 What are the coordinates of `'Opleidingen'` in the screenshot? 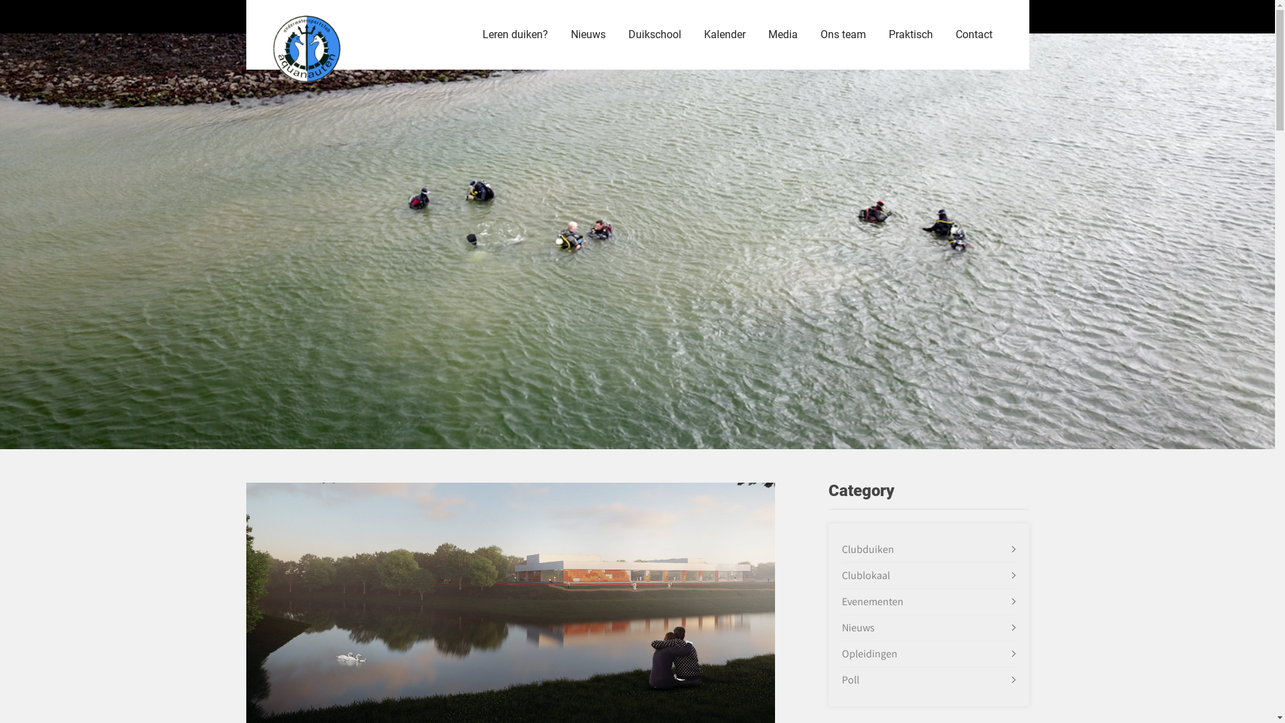 It's located at (869, 653).